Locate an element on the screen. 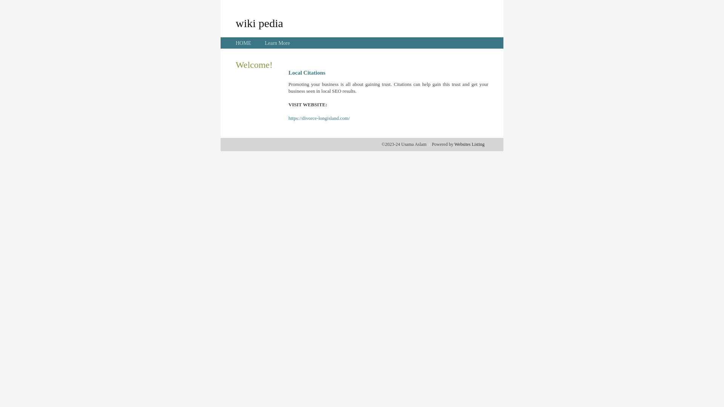 This screenshot has height=407, width=724. 'https://divorce-longisland.com/' is located at coordinates (319, 118).